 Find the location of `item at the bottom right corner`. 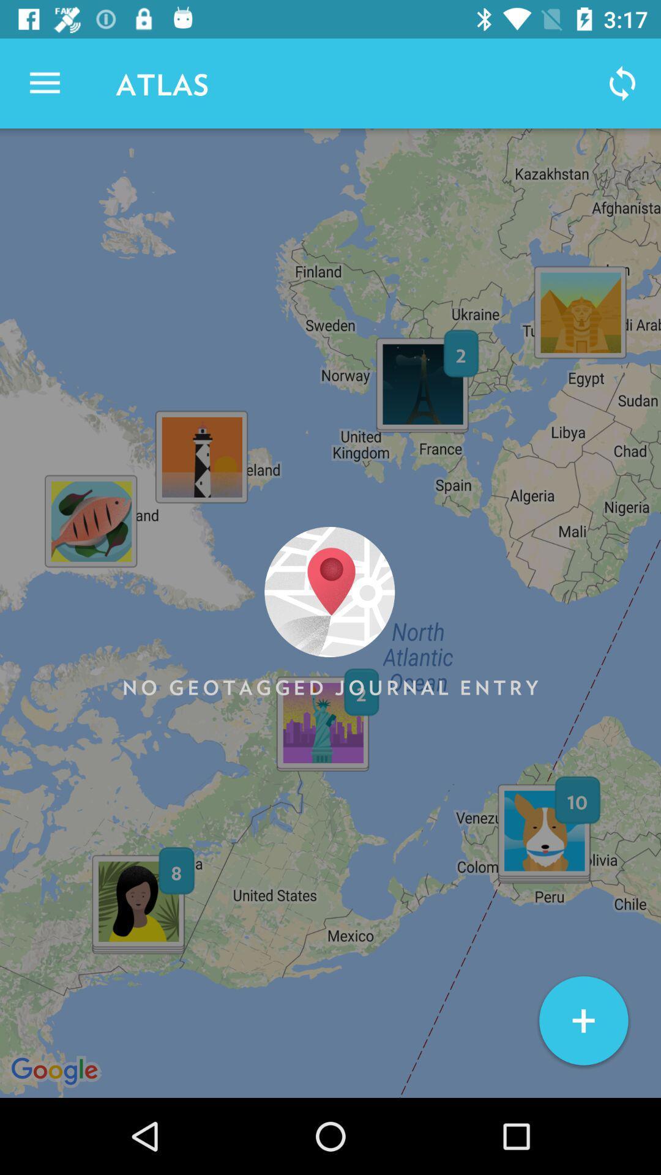

item at the bottom right corner is located at coordinates (583, 1021).